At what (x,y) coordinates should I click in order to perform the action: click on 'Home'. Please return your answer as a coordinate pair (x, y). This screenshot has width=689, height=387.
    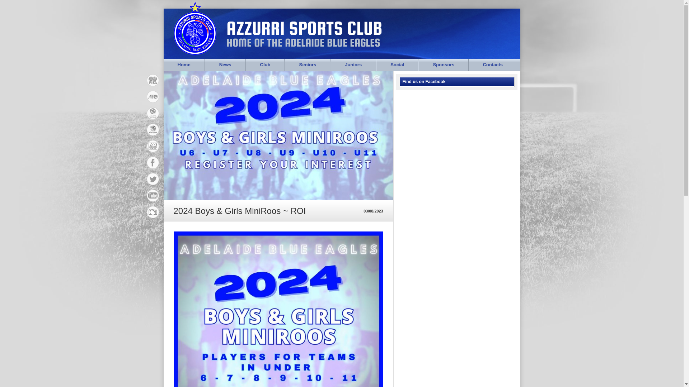
    Looking at the image, I should click on (184, 65).